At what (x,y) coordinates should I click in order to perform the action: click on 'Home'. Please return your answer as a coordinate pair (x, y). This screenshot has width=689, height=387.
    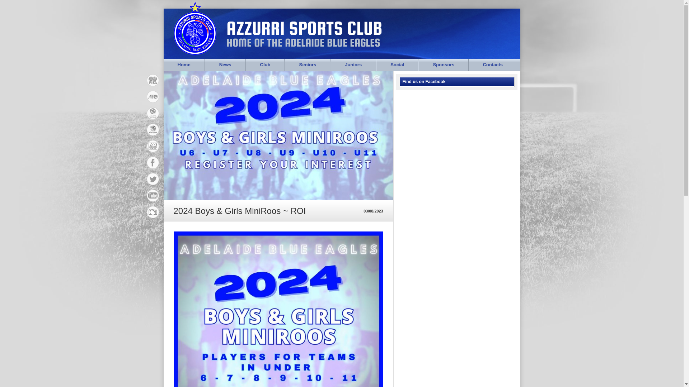
    Looking at the image, I should click on (184, 65).